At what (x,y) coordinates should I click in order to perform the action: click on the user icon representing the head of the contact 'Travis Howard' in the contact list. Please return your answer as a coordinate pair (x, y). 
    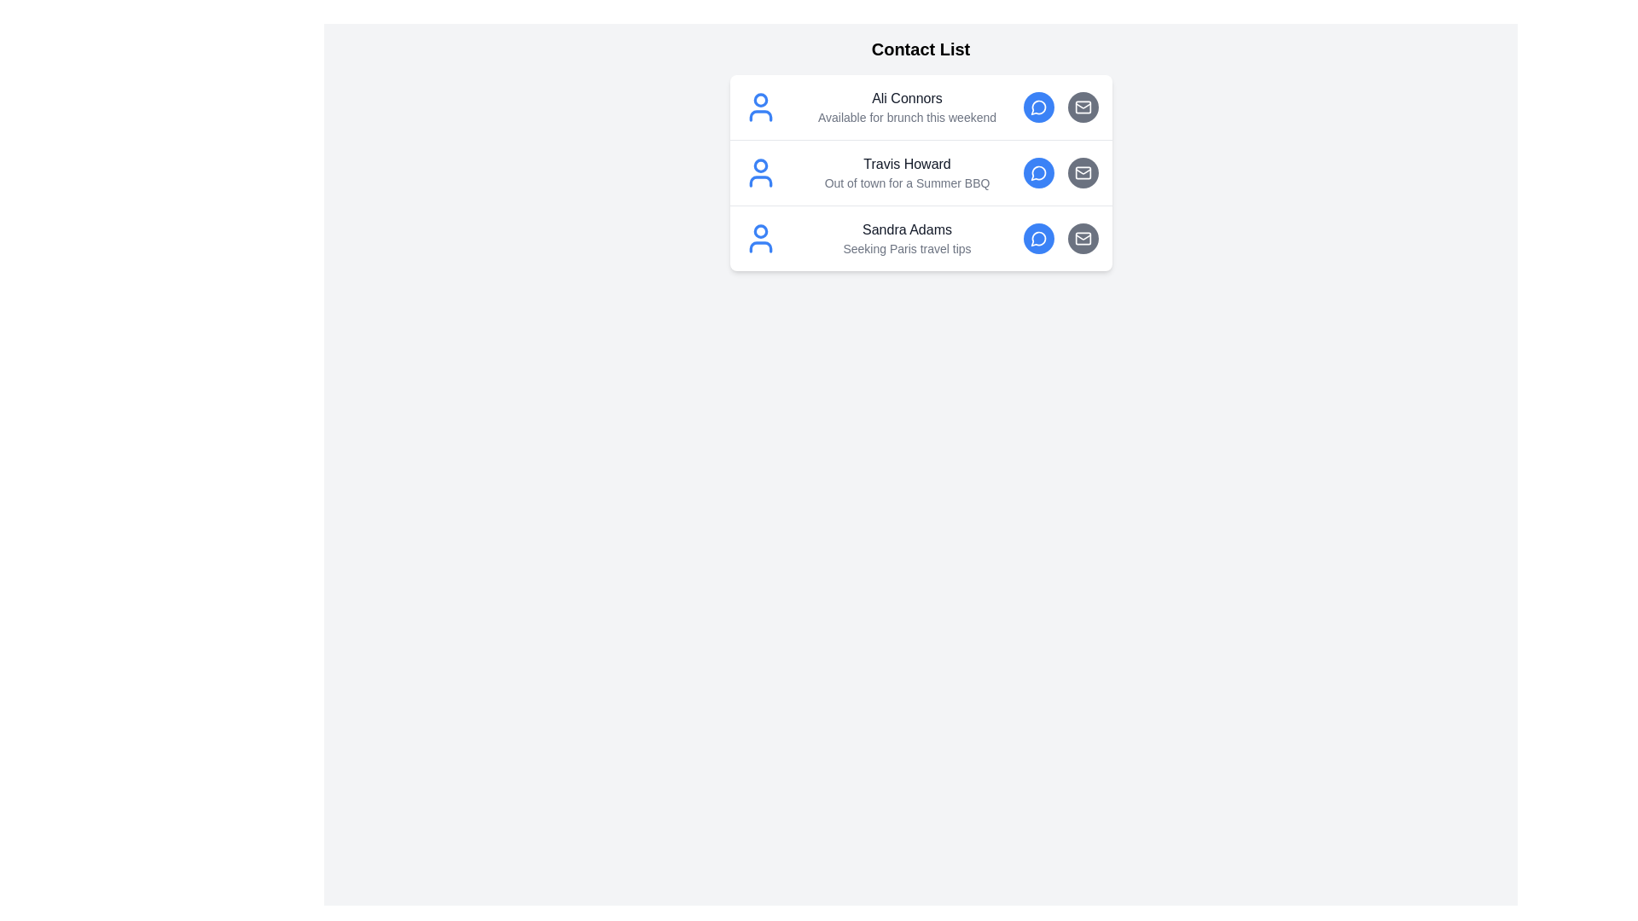
    Looking at the image, I should click on (759, 165).